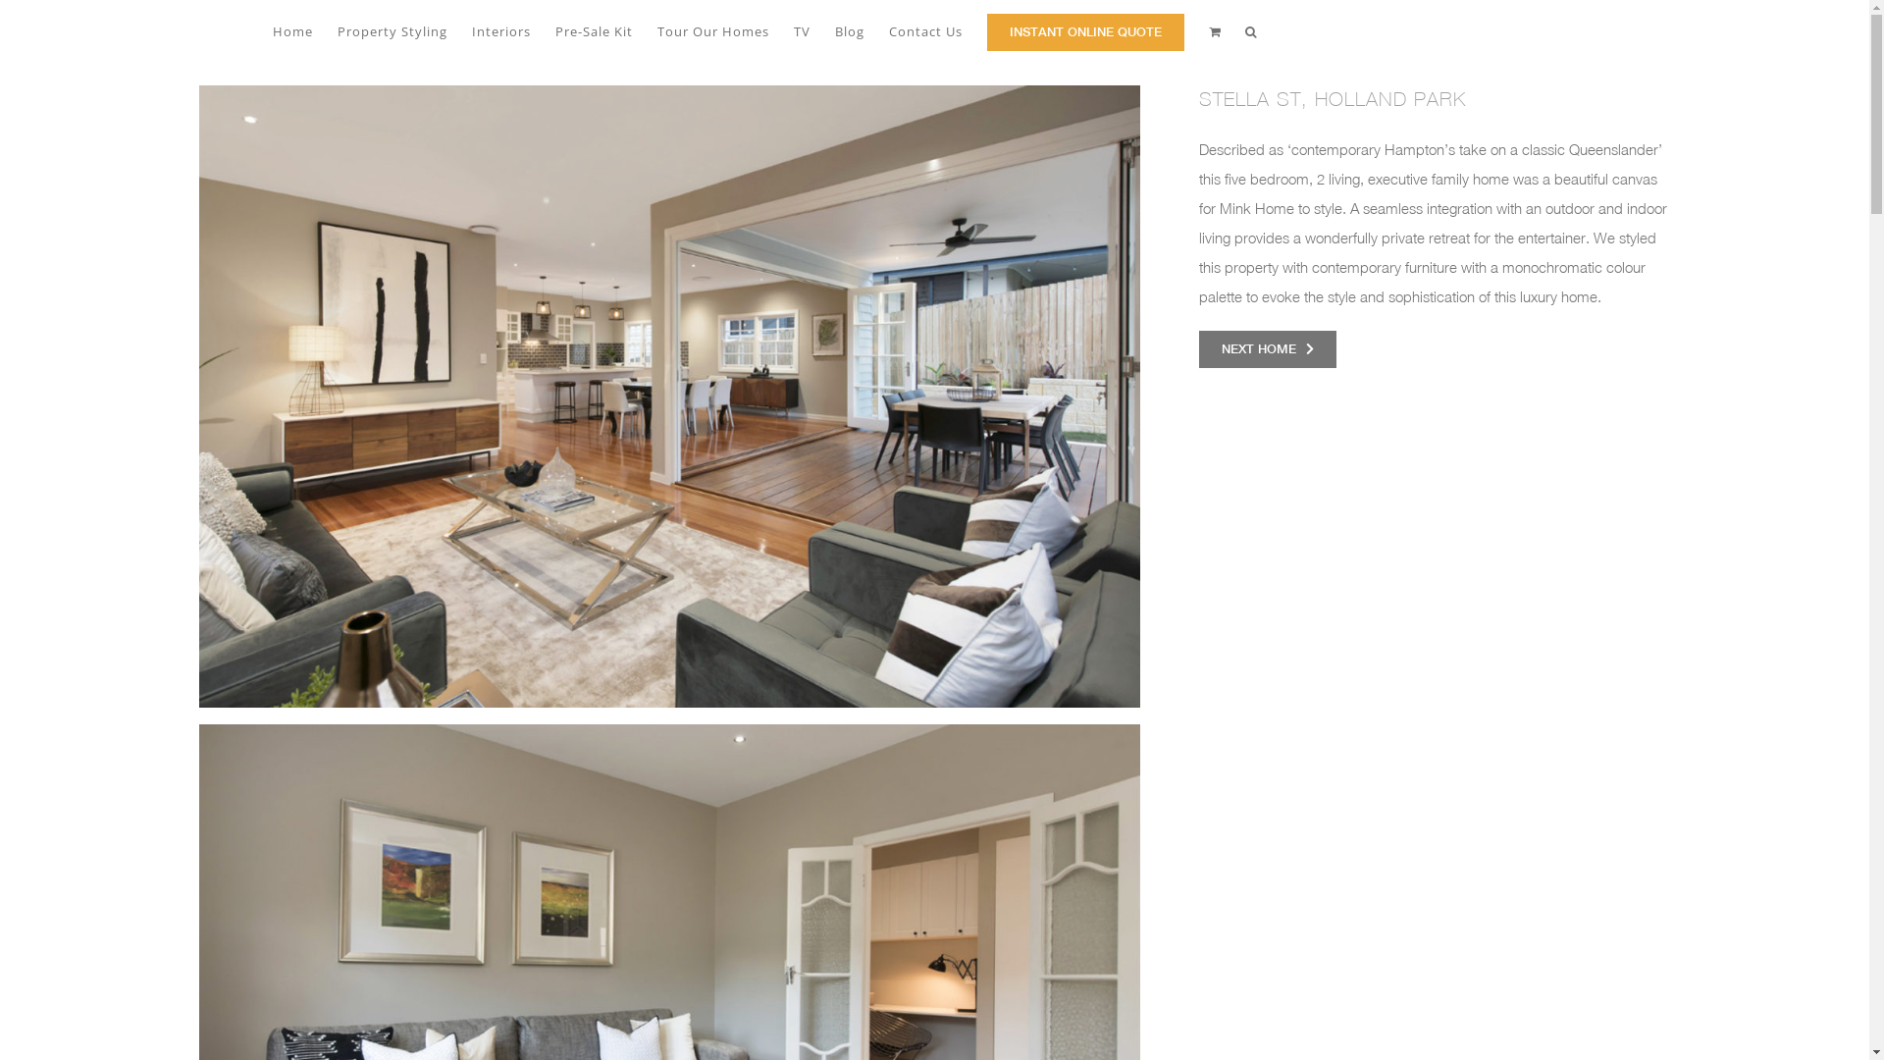 The height and width of the screenshot is (1060, 1884). Describe the element at coordinates (801, 29) in the screenshot. I see `'TV'` at that location.